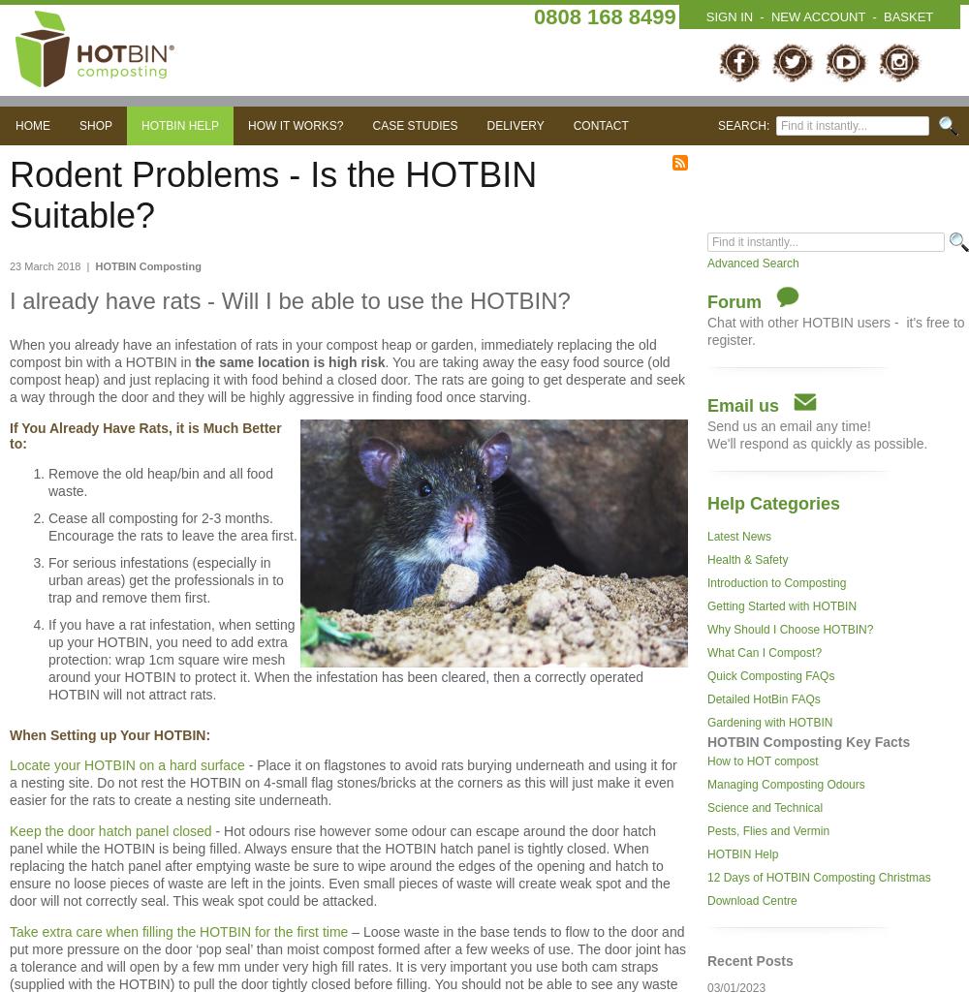  Describe the element at coordinates (770, 676) in the screenshot. I see `'Quick Composting FAQs'` at that location.